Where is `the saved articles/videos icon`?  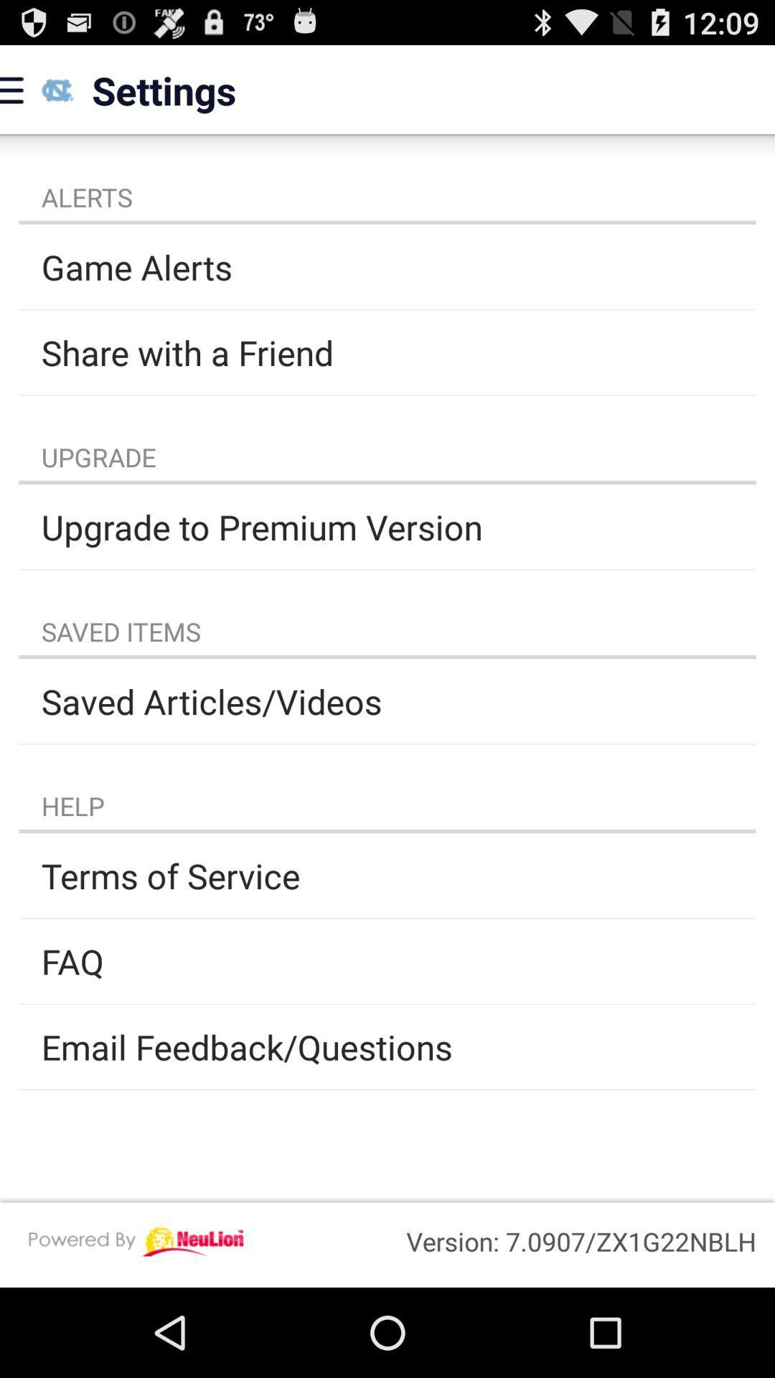
the saved articles/videos icon is located at coordinates (387, 701).